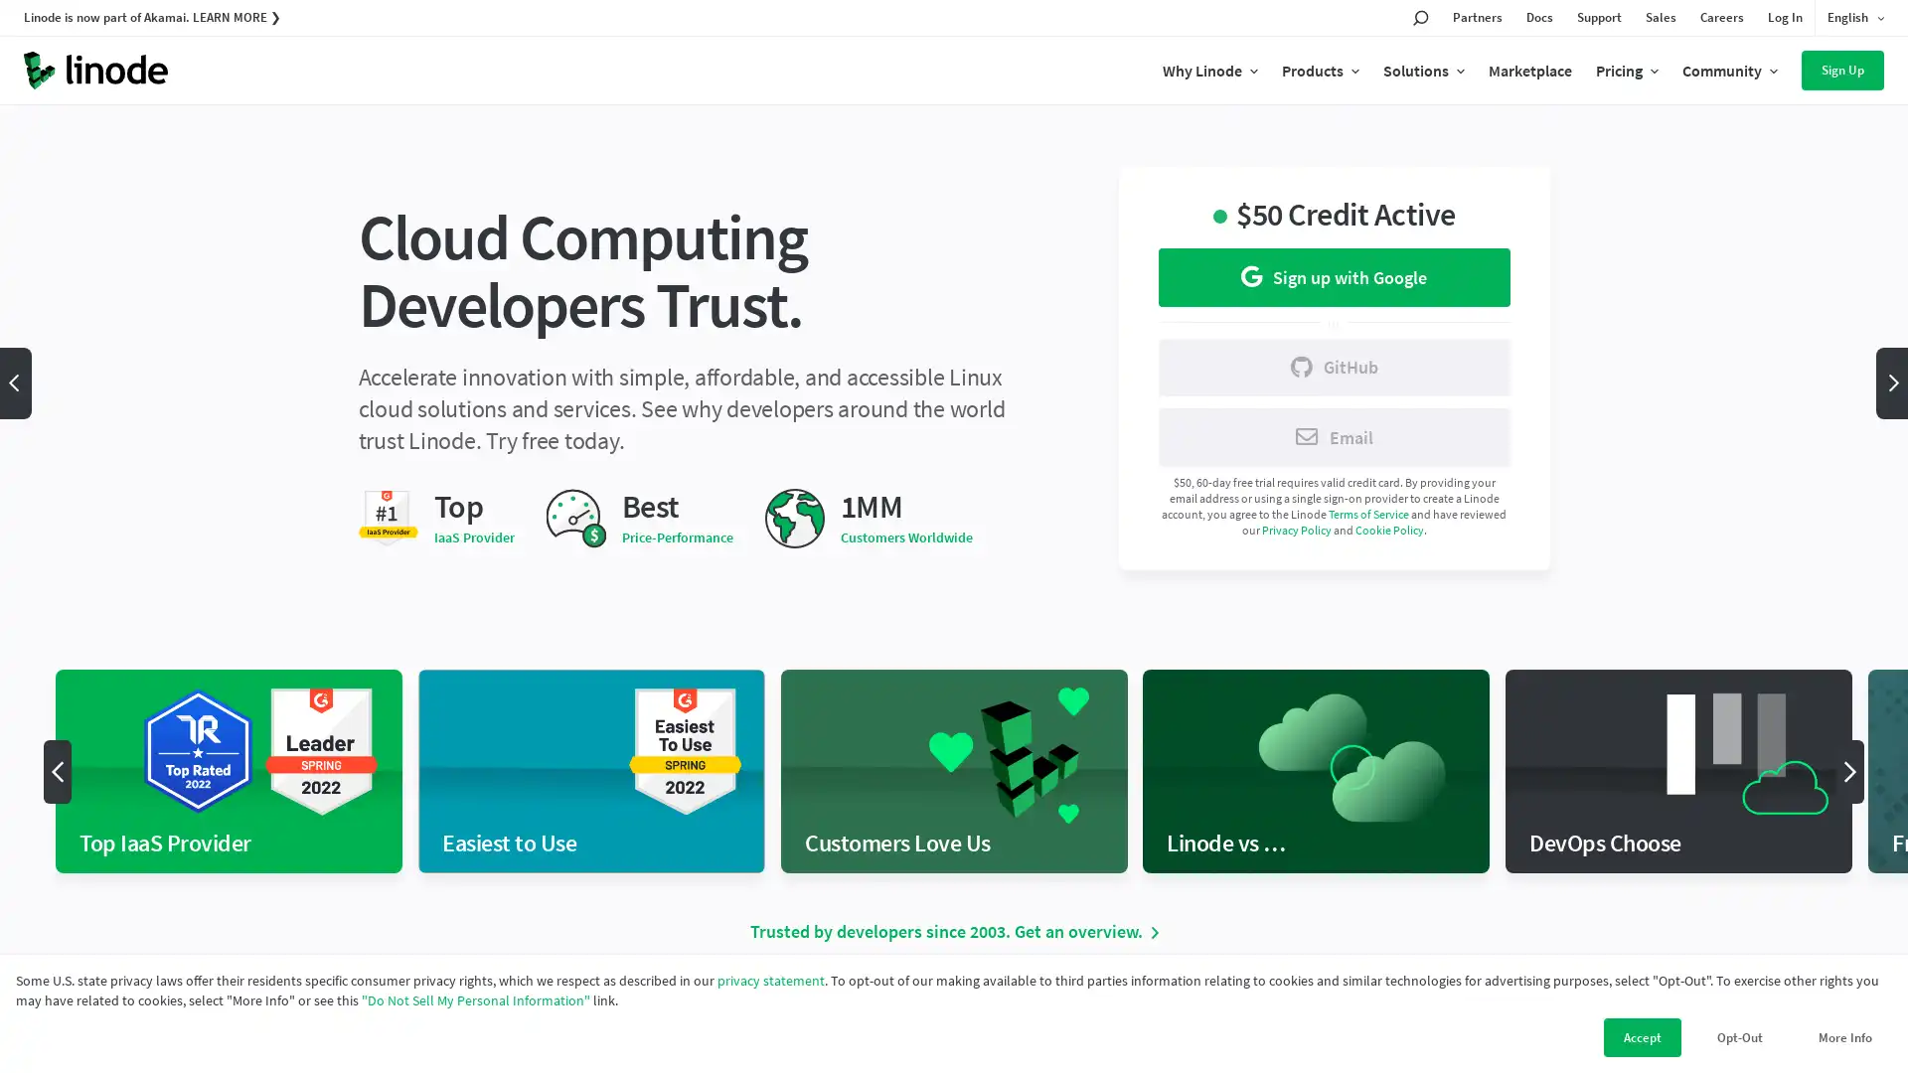 The height and width of the screenshot is (1073, 1908). I want to click on Opt-Out, so click(1739, 1036).